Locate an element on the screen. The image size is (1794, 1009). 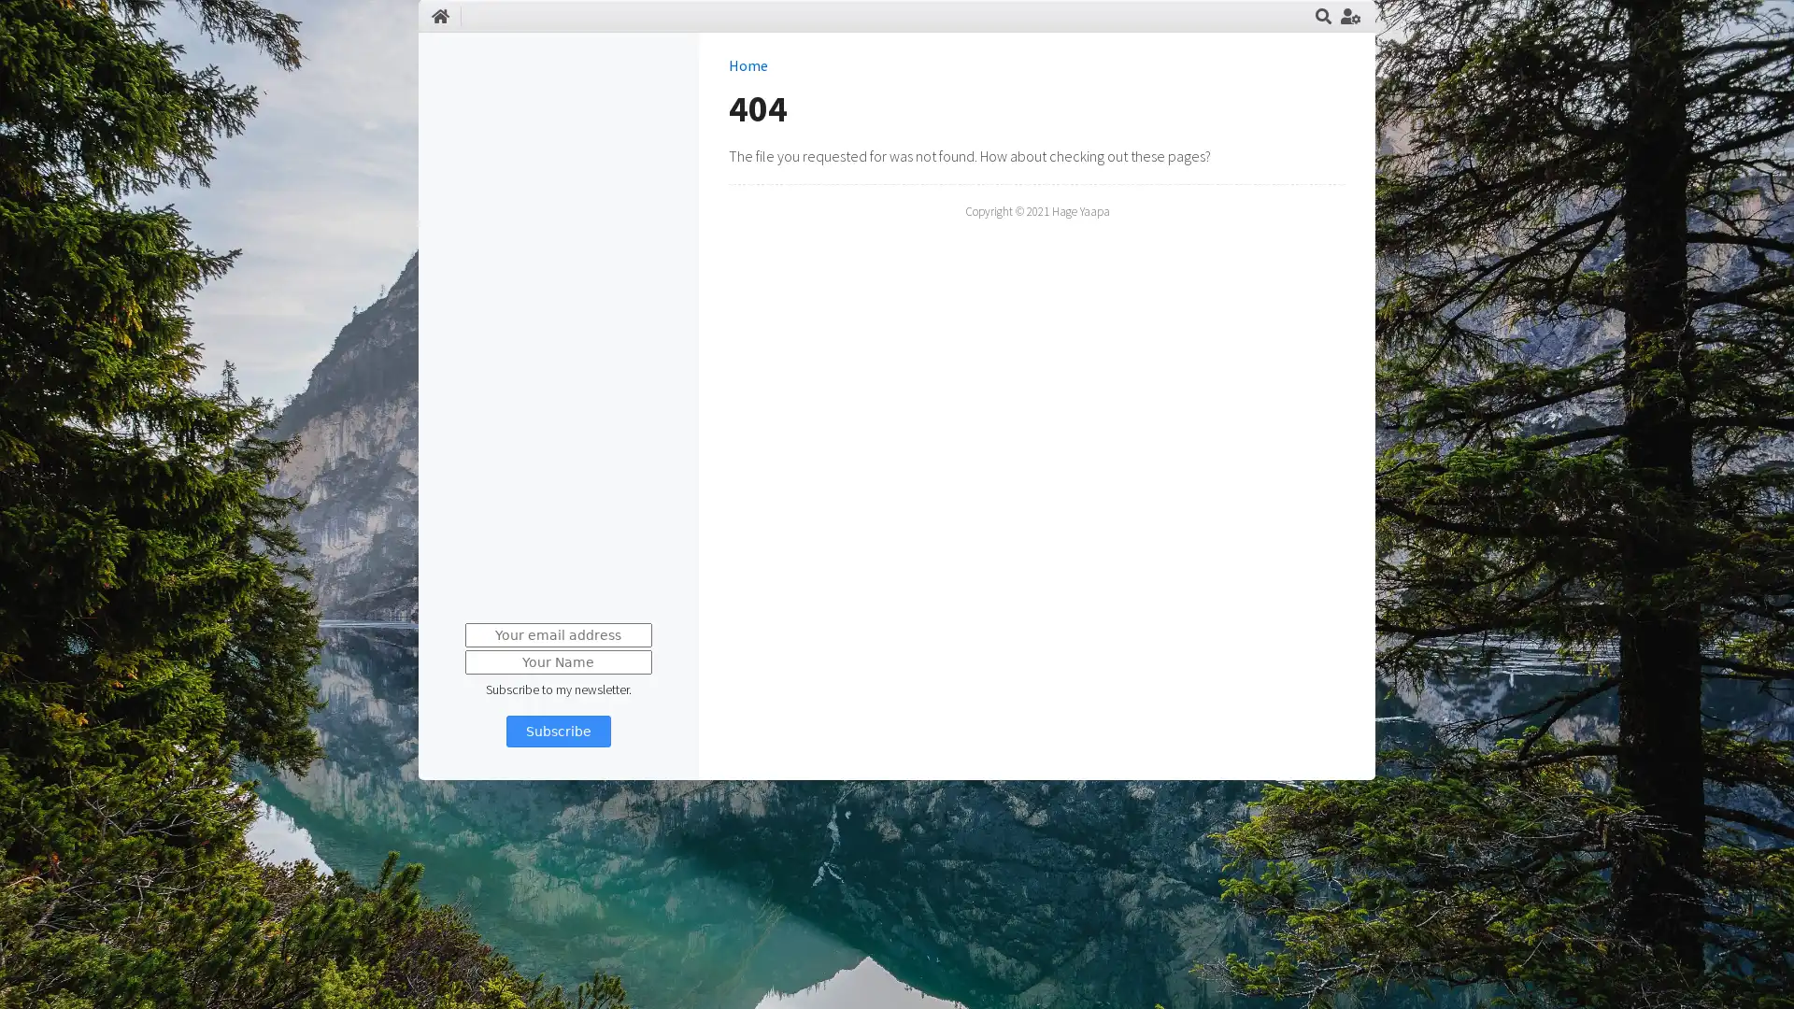
Subscribe is located at coordinates (556, 731).